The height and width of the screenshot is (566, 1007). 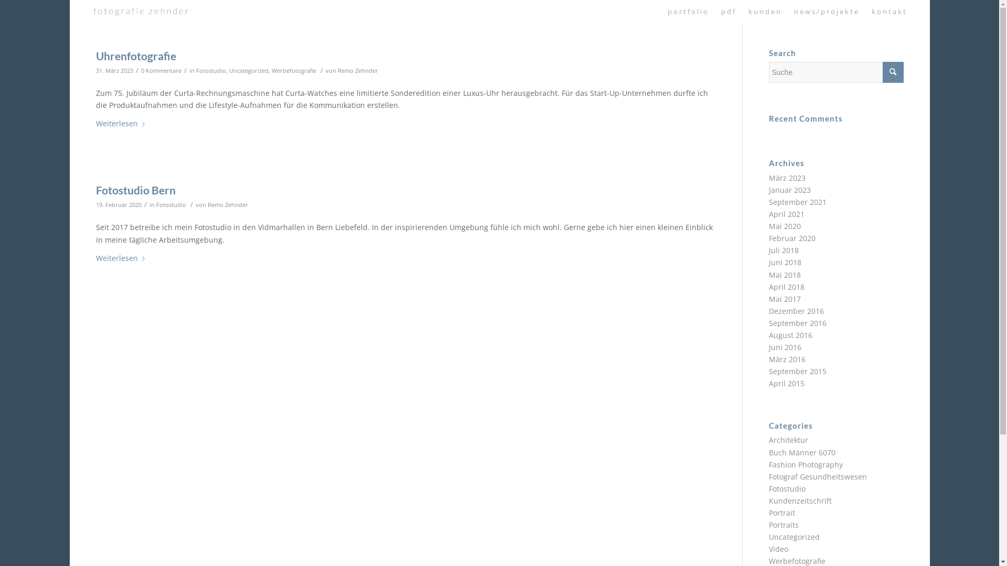 What do you see at coordinates (787, 12) in the screenshot?
I see `'n e w s / p r o j e k t e'` at bounding box center [787, 12].